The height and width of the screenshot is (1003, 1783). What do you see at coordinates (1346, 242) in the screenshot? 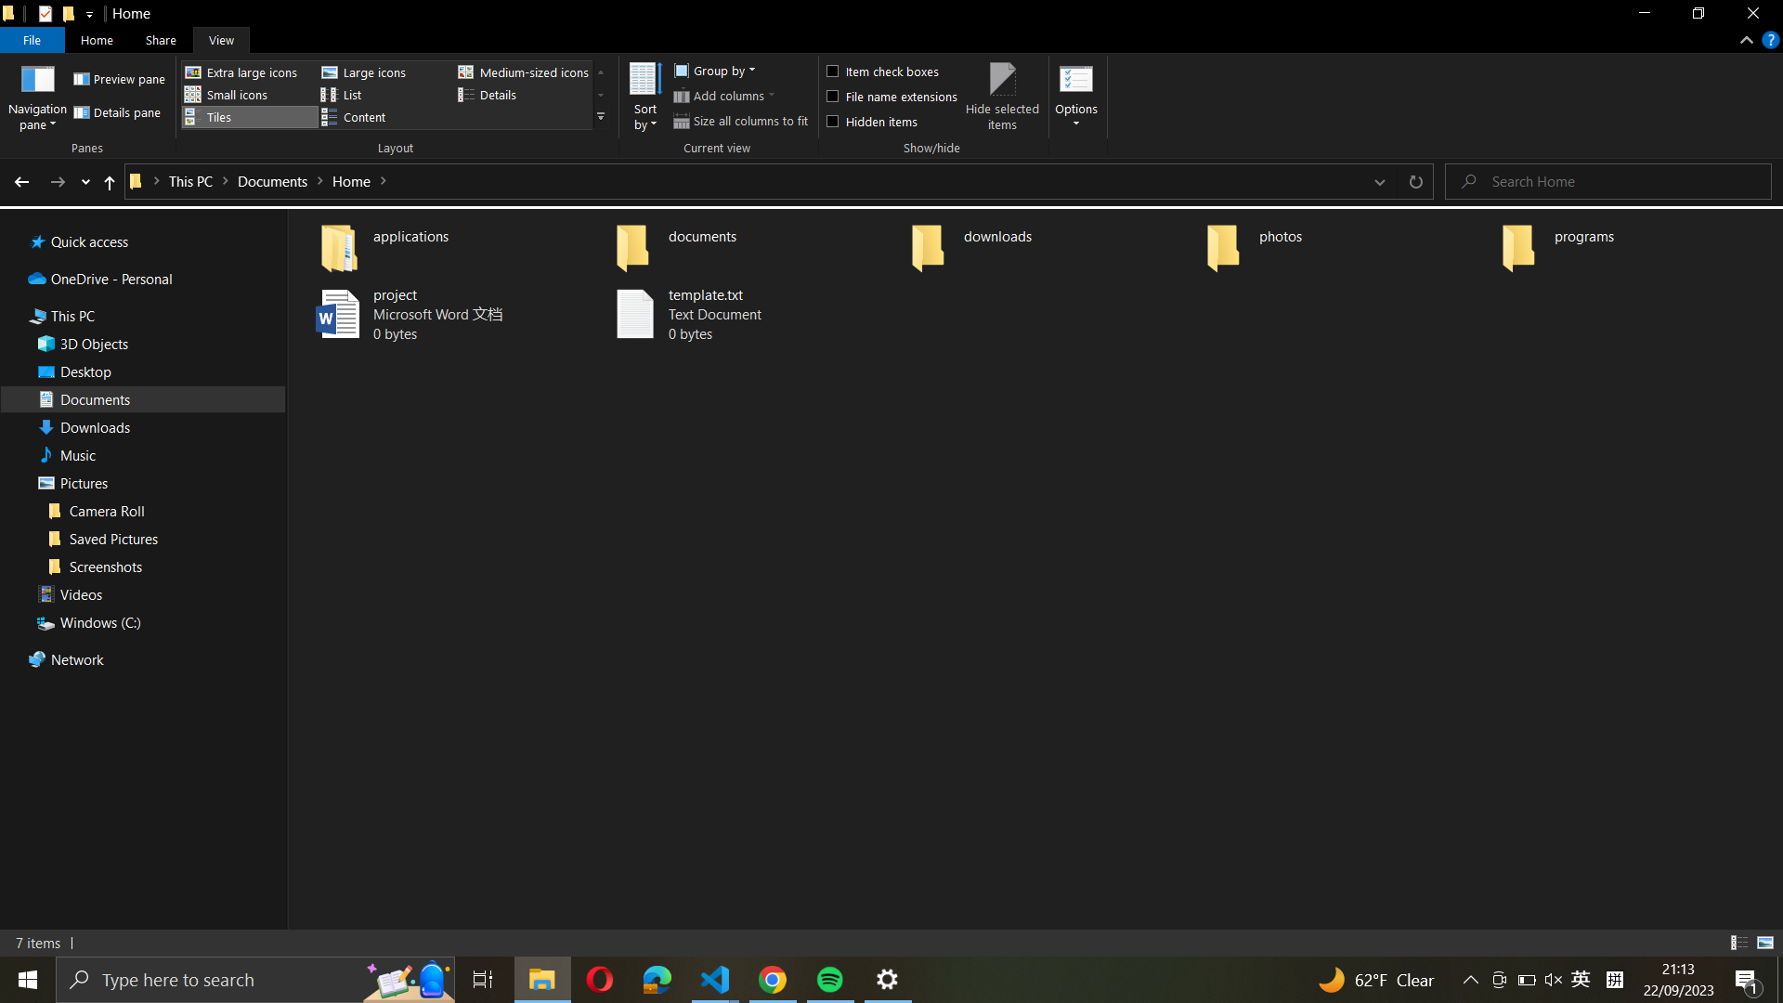
I see `the "photos" folder and establish a fresh sub-folder named "vacation"` at bounding box center [1346, 242].